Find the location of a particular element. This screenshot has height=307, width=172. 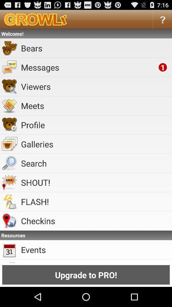

icon above the resources icon is located at coordinates (95, 221).